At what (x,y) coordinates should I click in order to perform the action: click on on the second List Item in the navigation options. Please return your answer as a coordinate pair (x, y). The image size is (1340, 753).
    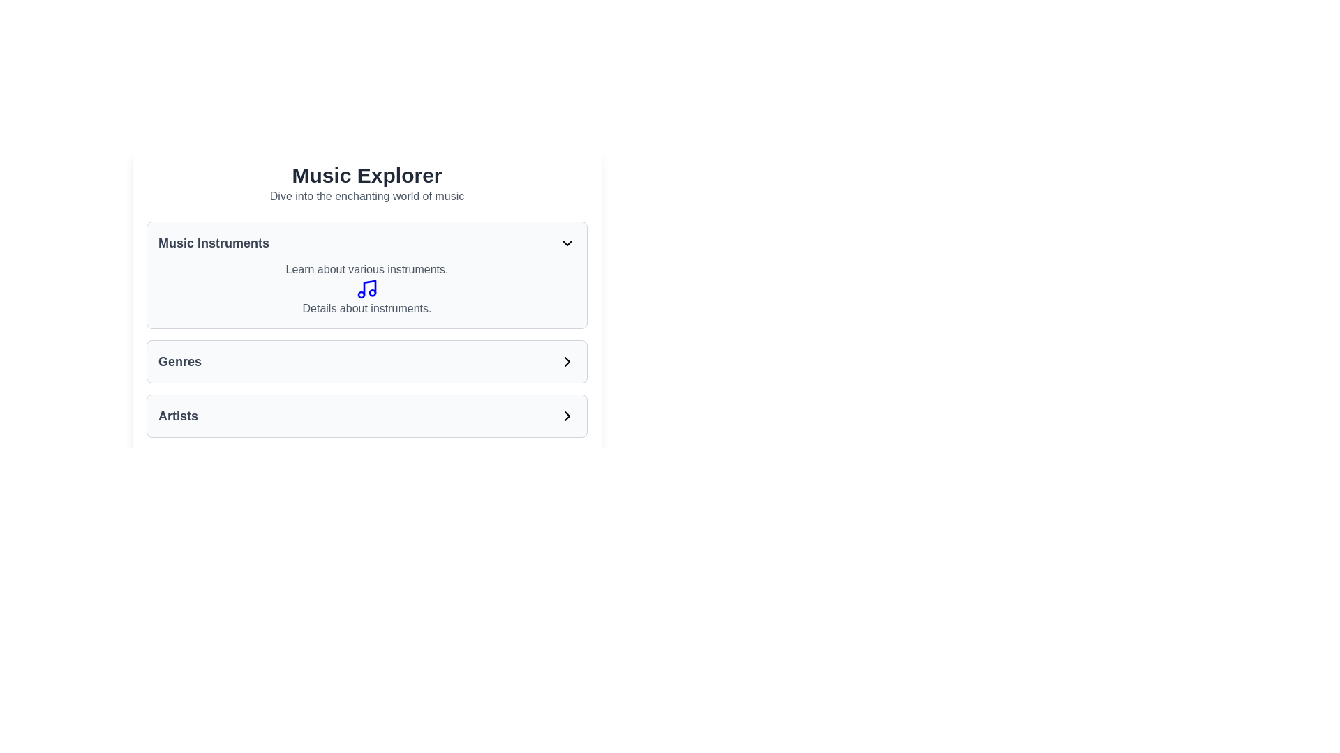
    Looking at the image, I should click on (367, 361).